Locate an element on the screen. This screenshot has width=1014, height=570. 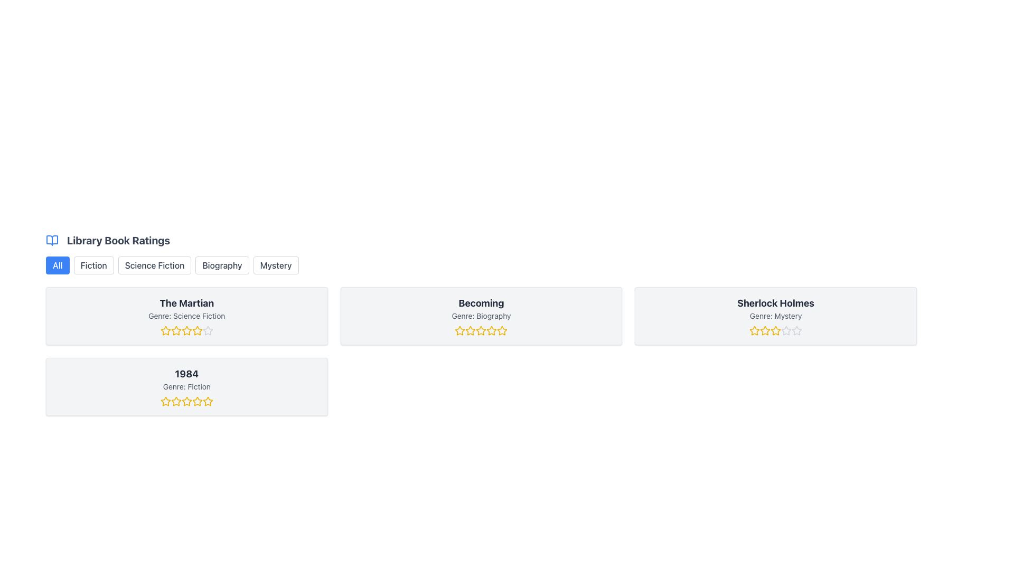
the third star icon in the five-star rating row for the book '1984', which serves as an interactive indicator for the book's rating is located at coordinates (208, 401).